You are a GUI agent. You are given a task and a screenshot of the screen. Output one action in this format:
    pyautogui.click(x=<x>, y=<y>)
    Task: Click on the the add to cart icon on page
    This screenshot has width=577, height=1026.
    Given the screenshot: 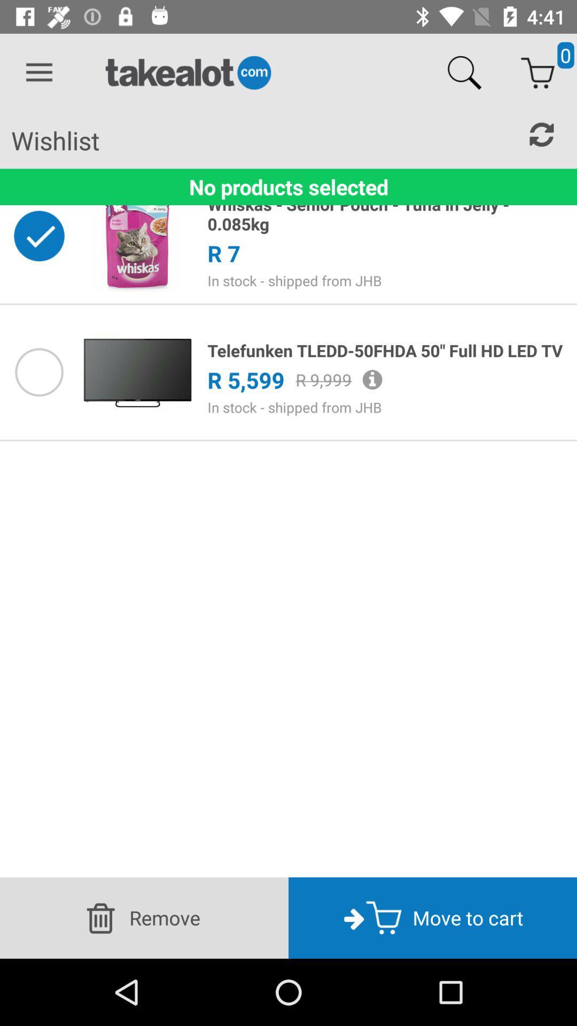 What is the action you would take?
    pyautogui.click(x=537, y=73)
    